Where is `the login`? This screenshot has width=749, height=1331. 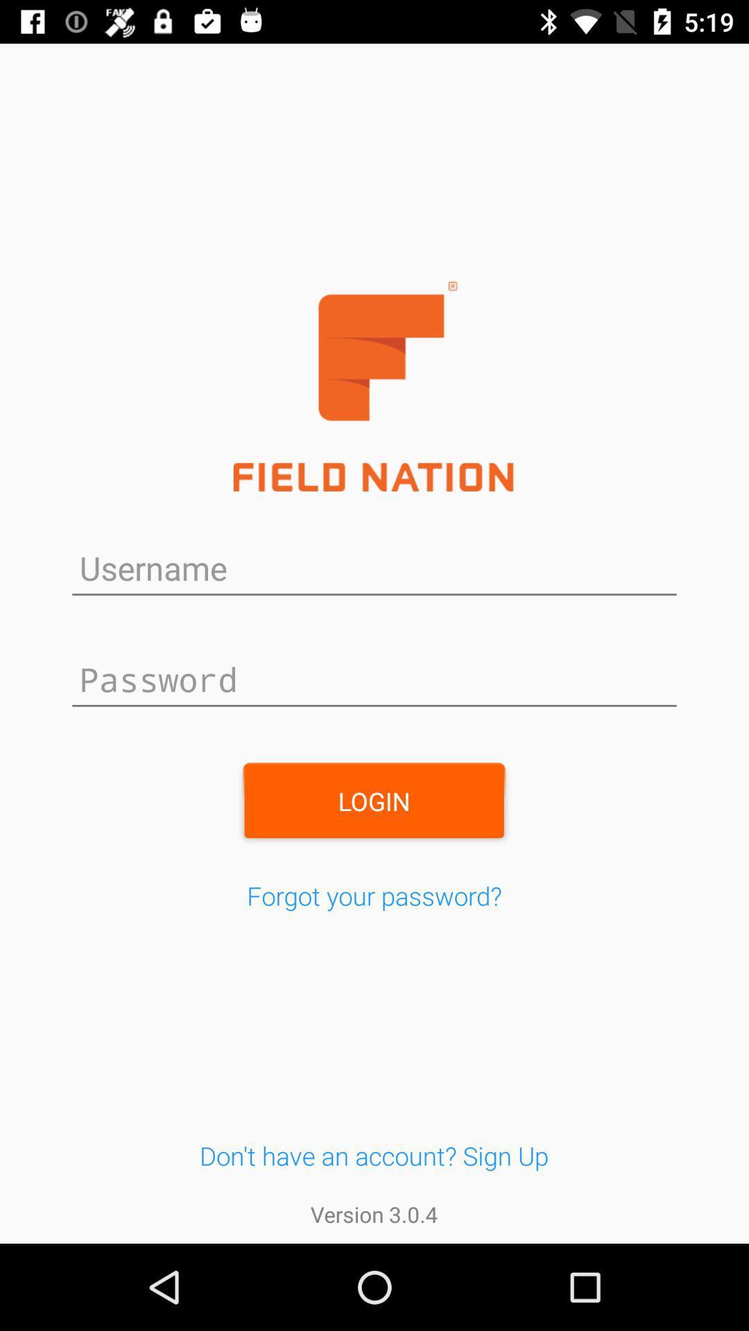 the login is located at coordinates (373, 801).